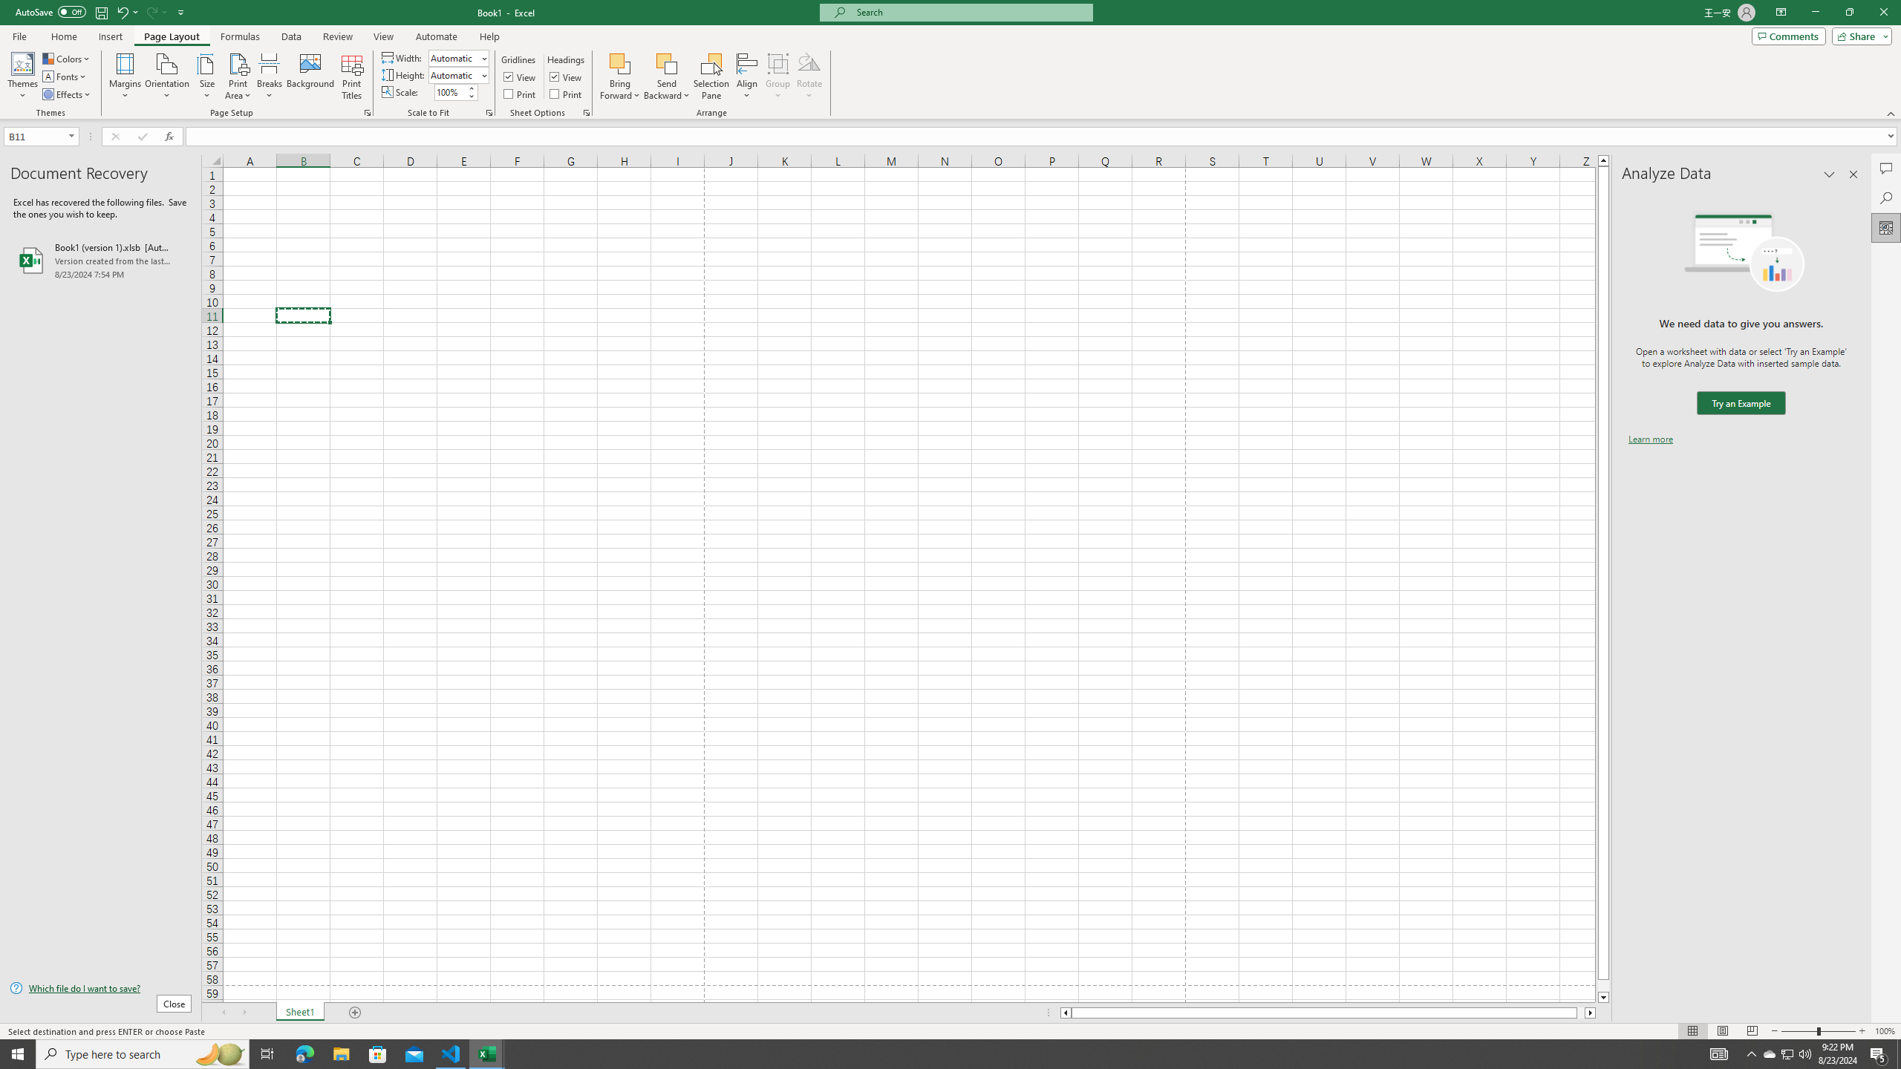  Describe the element at coordinates (567, 94) in the screenshot. I see `'Print'` at that location.